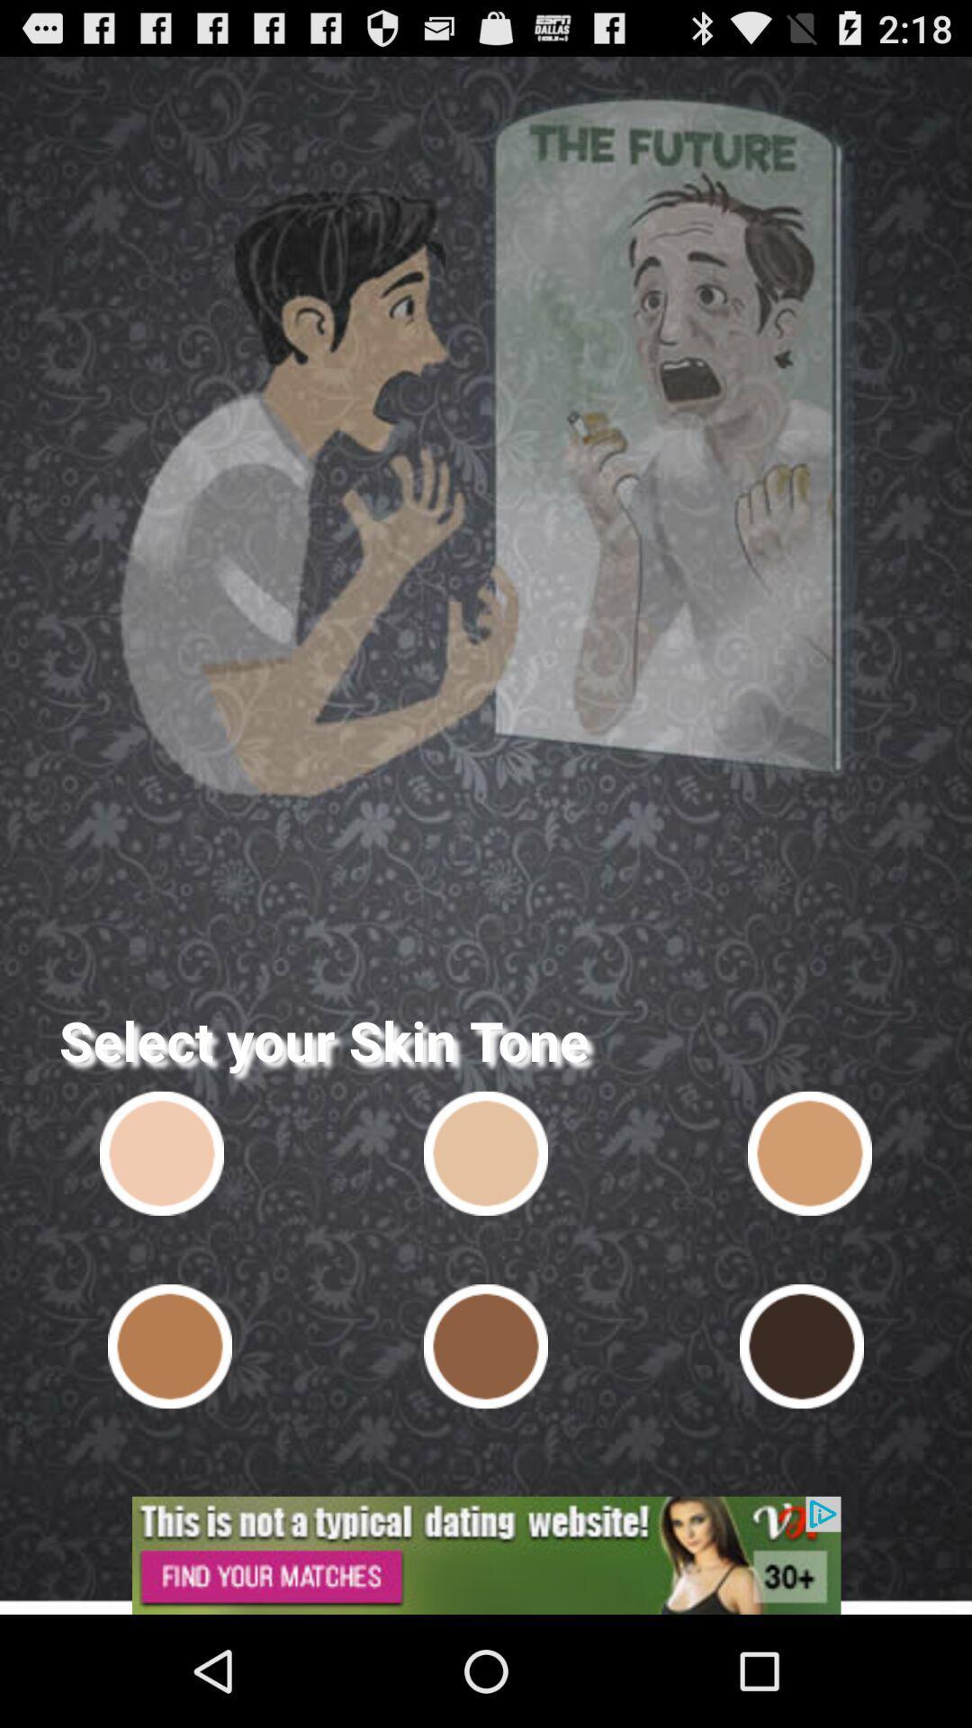 The image size is (972, 1728). Describe the element at coordinates (162, 1153) in the screenshot. I see `it` at that location.